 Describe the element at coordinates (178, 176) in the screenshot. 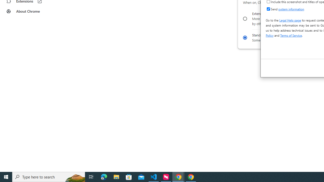

I see `'Google Chrome - 3 running windows'` at that location.